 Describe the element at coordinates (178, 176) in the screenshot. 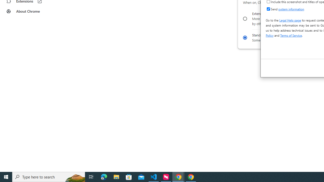

I see `'Google Chrome - 3 running windows'` at that location.